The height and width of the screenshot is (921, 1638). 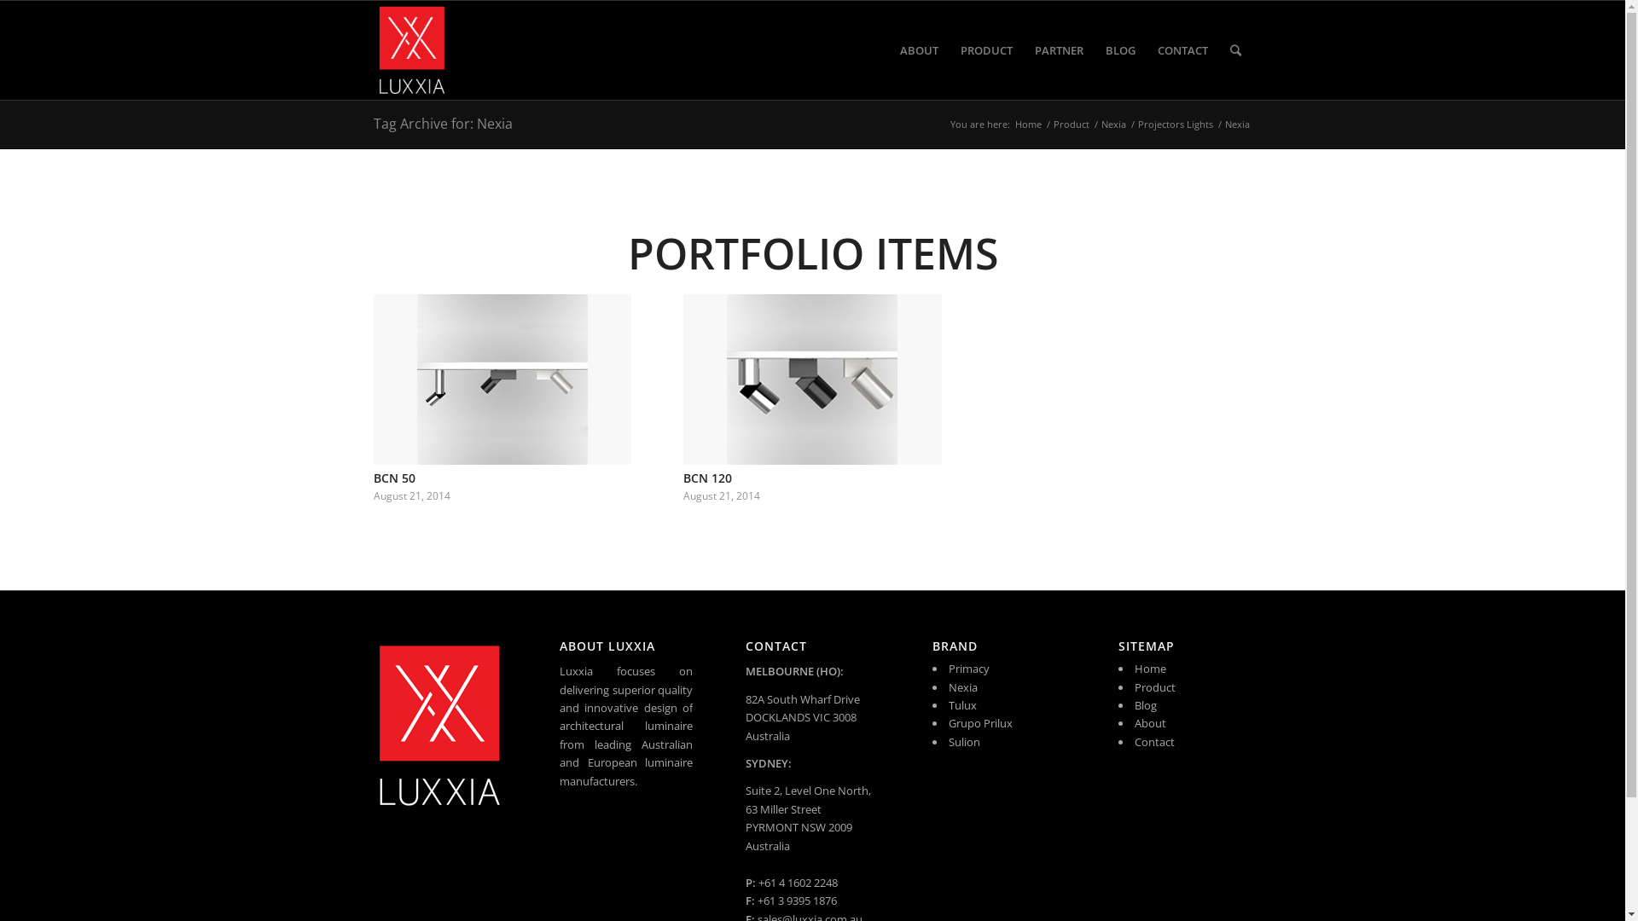 I want to click on 'ABOUT', so click(x=918, y=49).